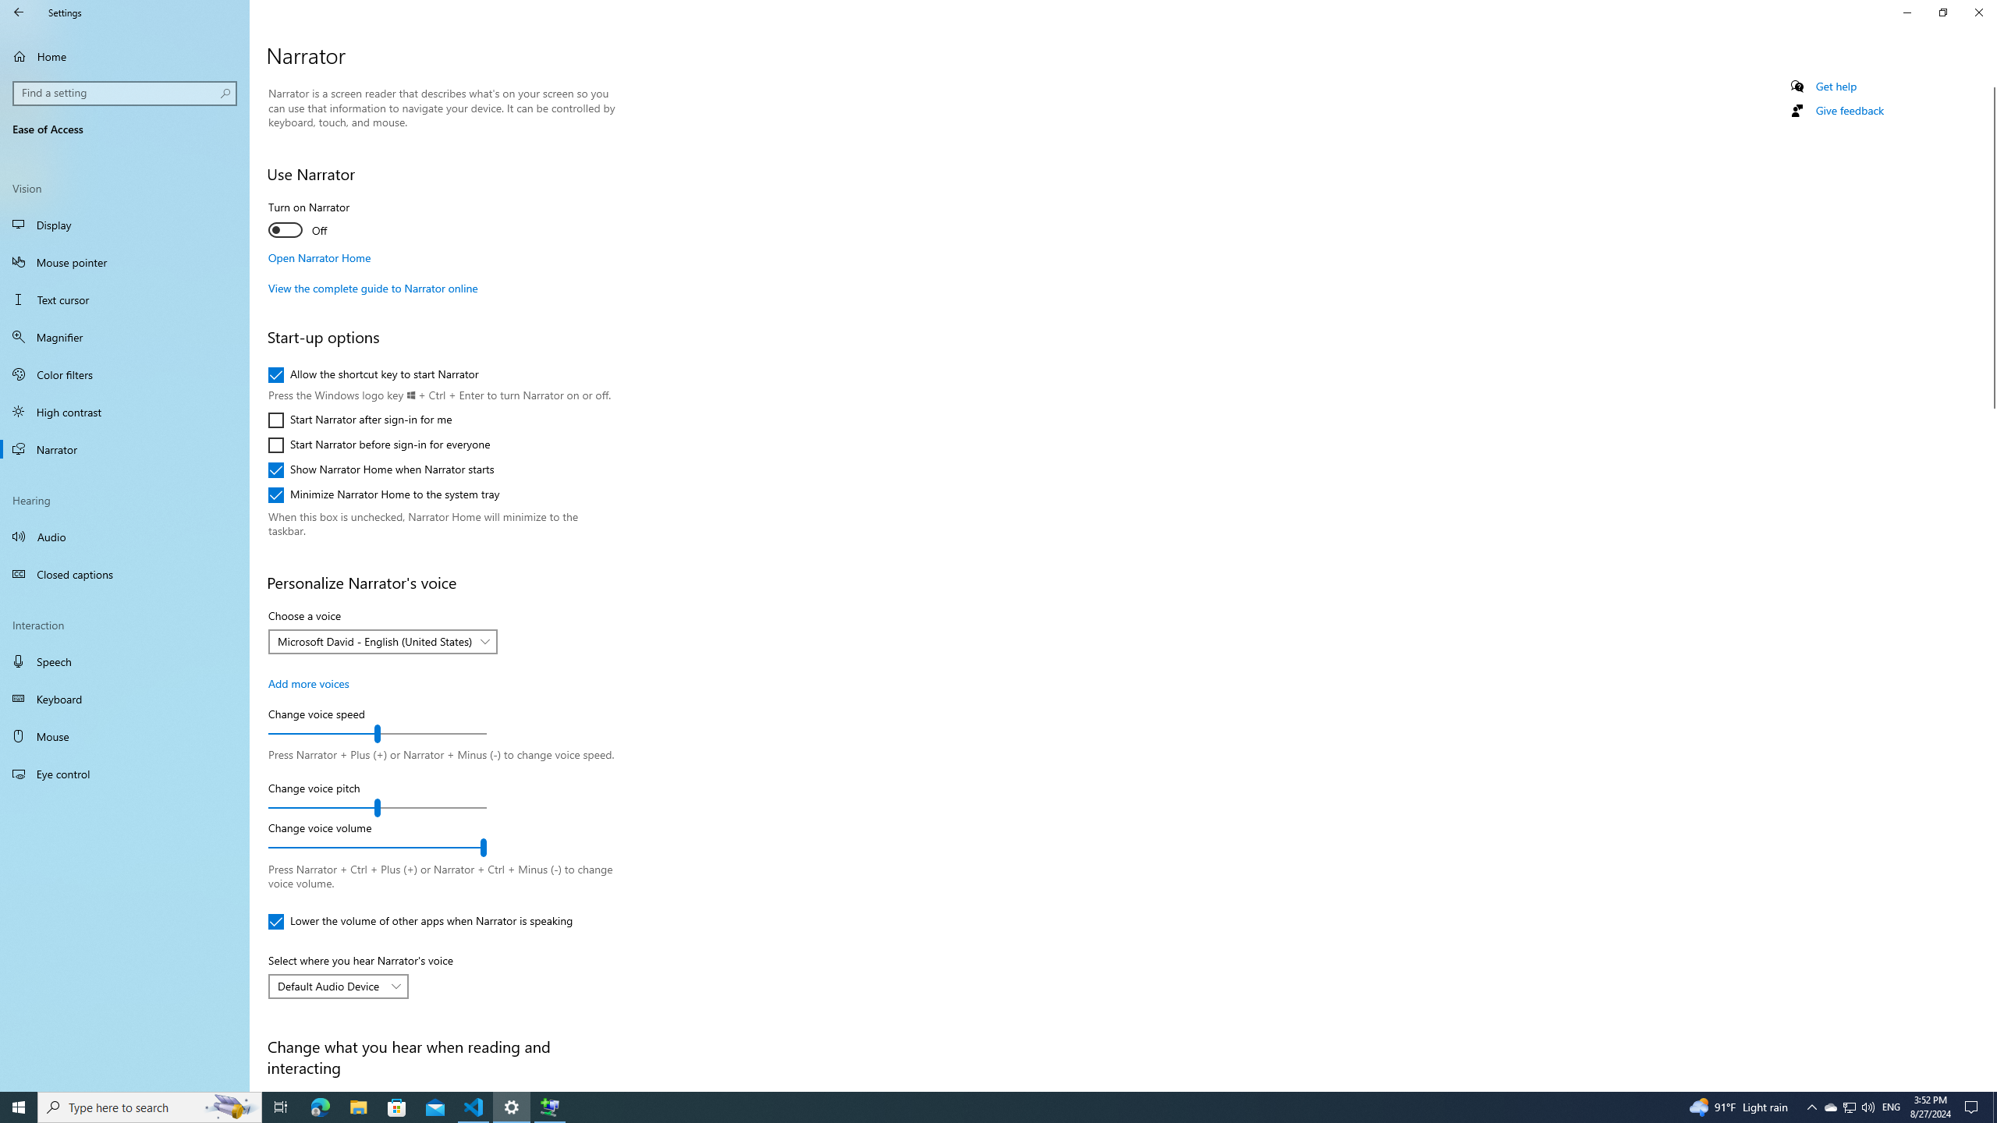 The width and height of the screenshot is (1997, 1123). I want to click on 'File Explorer', so click(357, 1106).